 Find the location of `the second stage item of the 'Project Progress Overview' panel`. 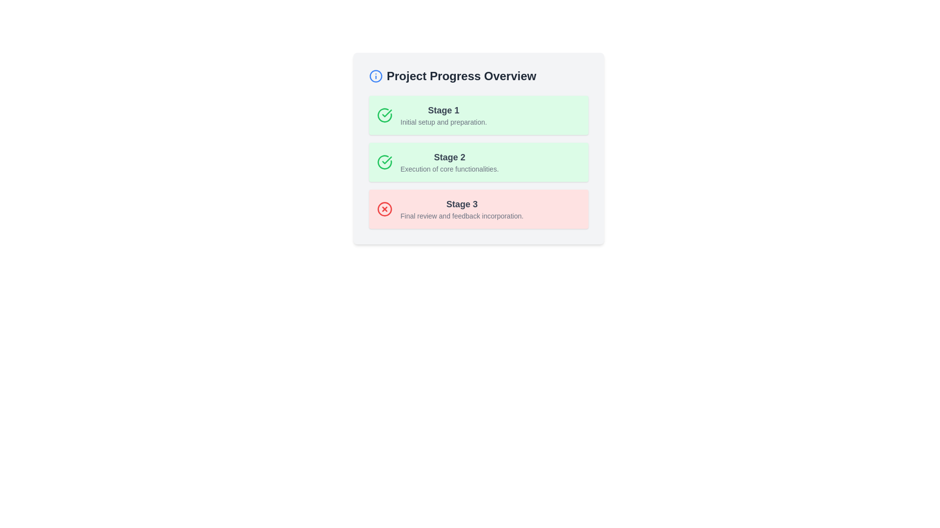

the second stage item of the 'Project Progress Overview' panel is located at coordinates (479, 149).